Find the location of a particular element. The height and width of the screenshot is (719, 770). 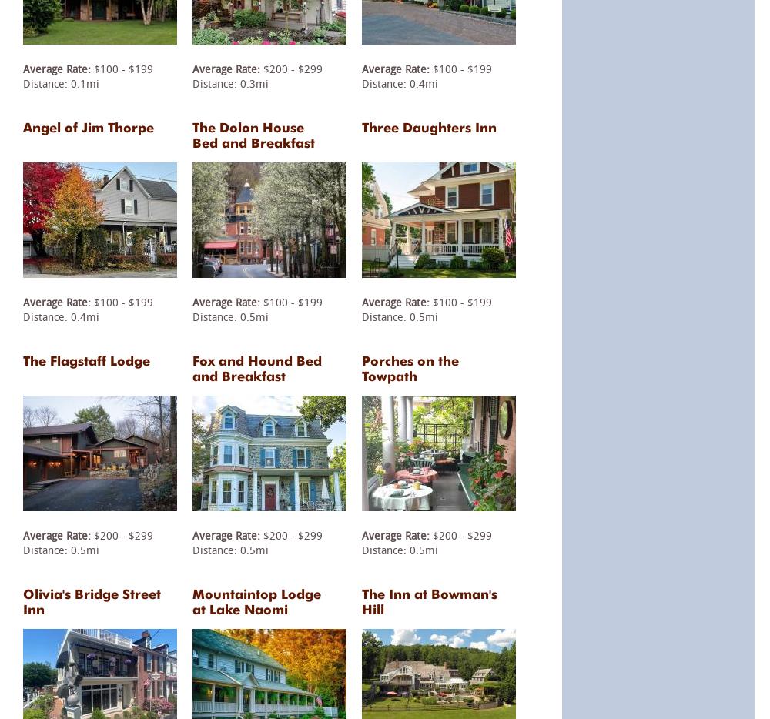

'Mountaintop Lodge at Lake Naomi' is located at coordinates (256, 600).